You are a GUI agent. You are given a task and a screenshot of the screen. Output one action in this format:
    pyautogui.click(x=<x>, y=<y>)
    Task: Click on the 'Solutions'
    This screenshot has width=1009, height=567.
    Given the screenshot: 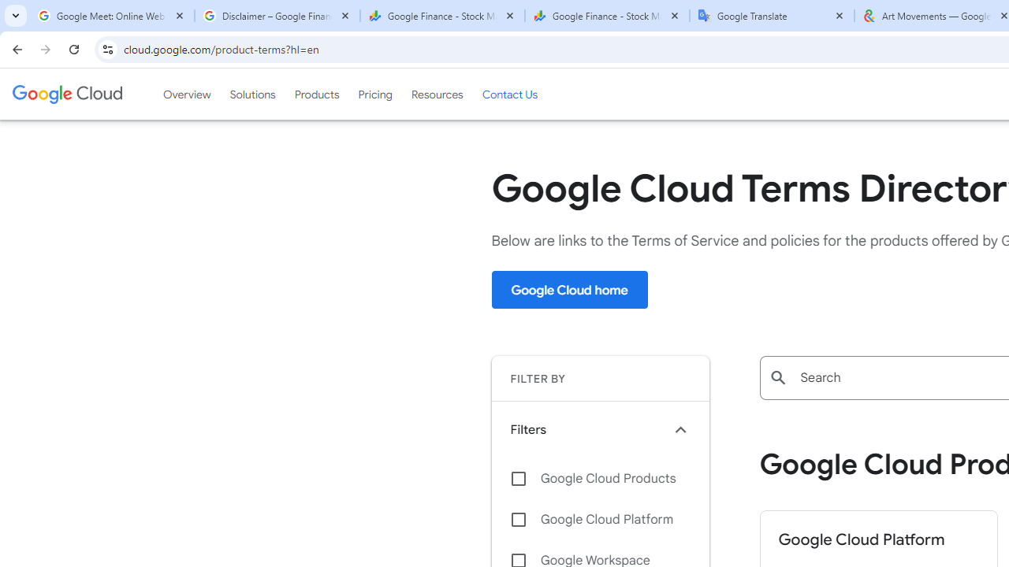 What is the action you would take?
    pyautogui.click(x=252, y=94)
    